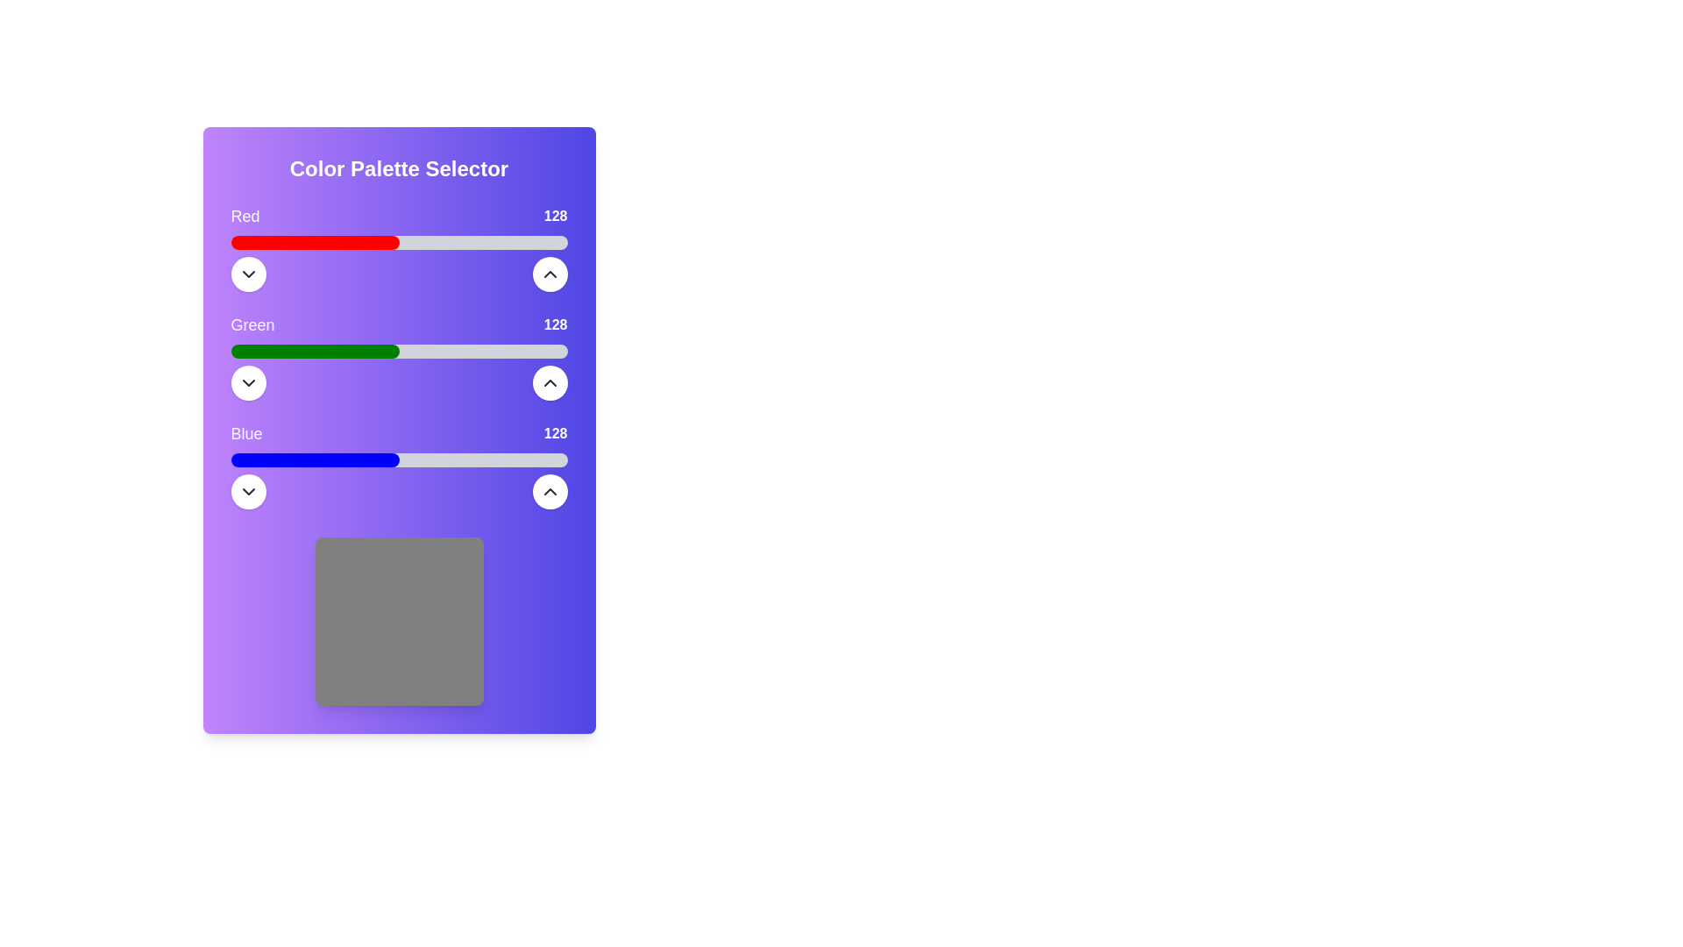 The width and height of the screenshot is (1683, 947). What do you see at coordinates (549, 274) in the screenshot?
I see `the last button located to the right of the 'Red' color slider to increase the associated value` at bounding box center [549, 274].